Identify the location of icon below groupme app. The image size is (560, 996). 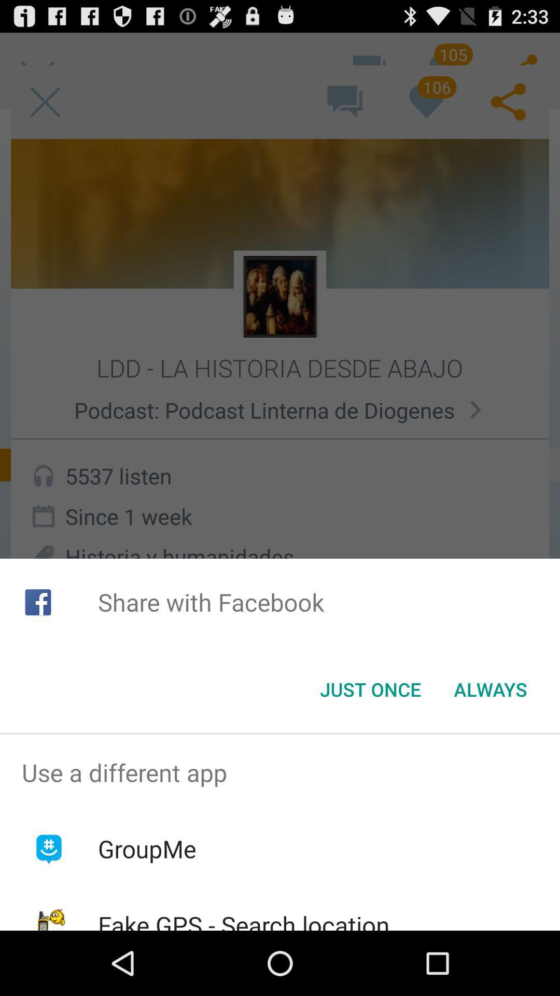
(244, 919).